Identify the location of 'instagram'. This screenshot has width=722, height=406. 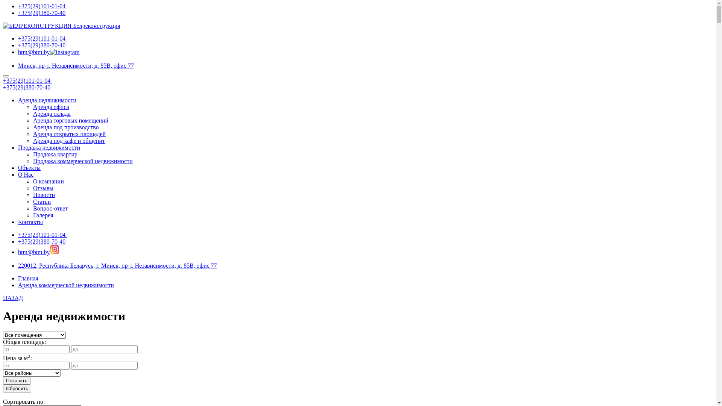
(54, 249).